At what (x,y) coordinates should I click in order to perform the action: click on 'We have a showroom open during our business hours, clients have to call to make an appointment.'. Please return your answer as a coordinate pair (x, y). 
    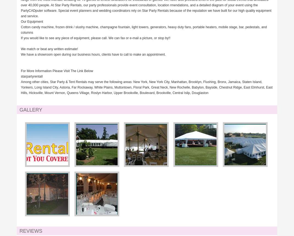
    Looking at the image, I should click on (93, 54).